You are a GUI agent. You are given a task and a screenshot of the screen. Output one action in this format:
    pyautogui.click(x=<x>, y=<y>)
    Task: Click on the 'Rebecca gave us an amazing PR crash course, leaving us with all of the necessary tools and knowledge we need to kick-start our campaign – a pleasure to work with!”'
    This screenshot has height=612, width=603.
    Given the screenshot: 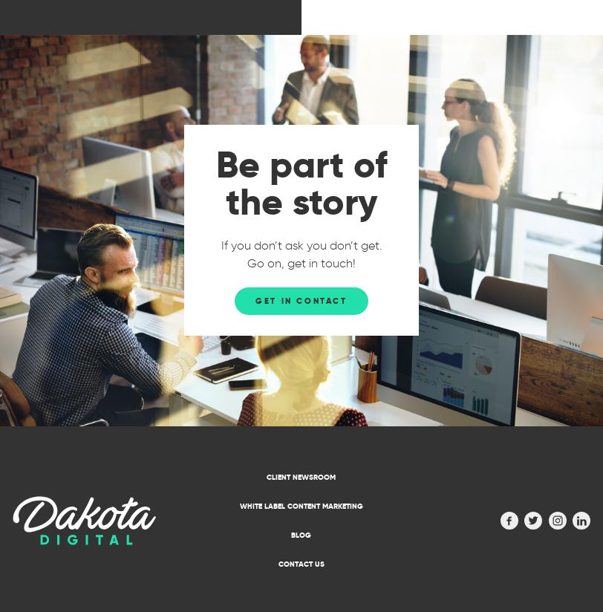 What is the action you would take?
    pyautogui.click(x=459, y=100)
    